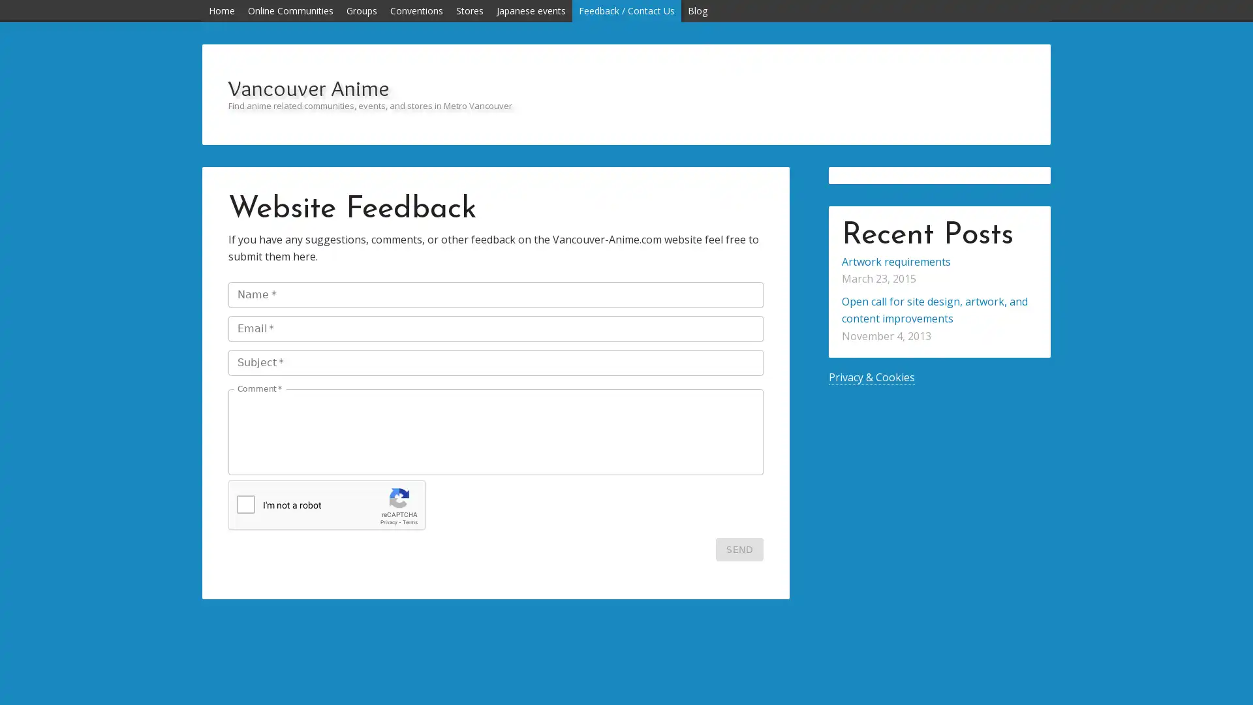 The height and width of the screenshot is (705, 1253). Describe the element at coordinates (739, 549) in the screenshot. I see `SEND` at that location.